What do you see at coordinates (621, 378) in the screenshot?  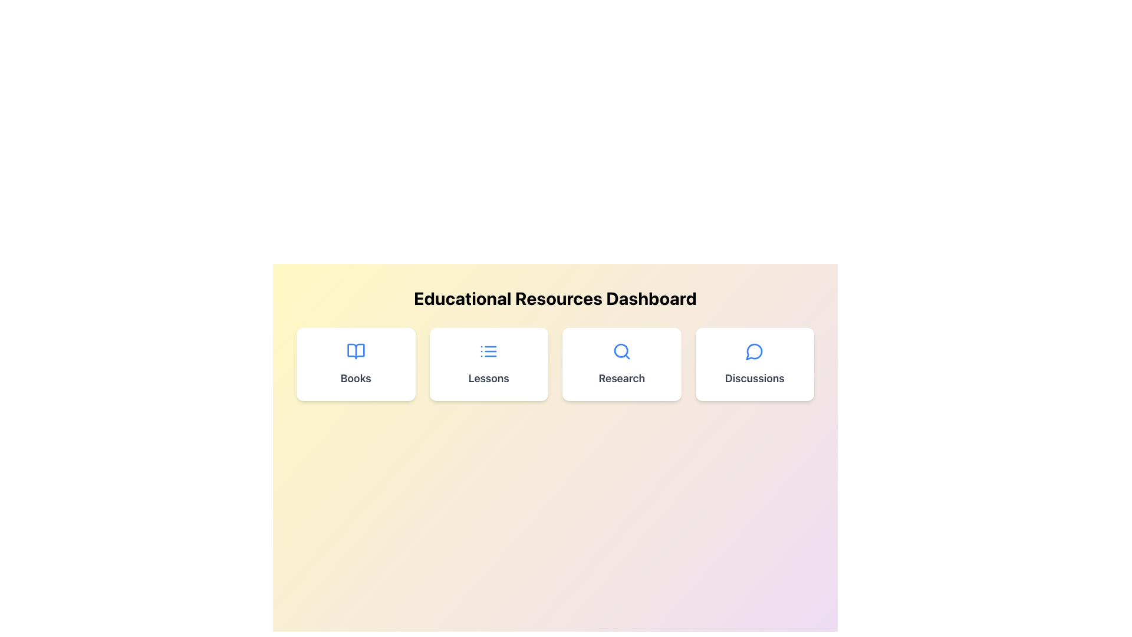 I see `text label located at the lower section of the third card from the left, beneath the magnifying glass icon` at bounding box center [621, 378].